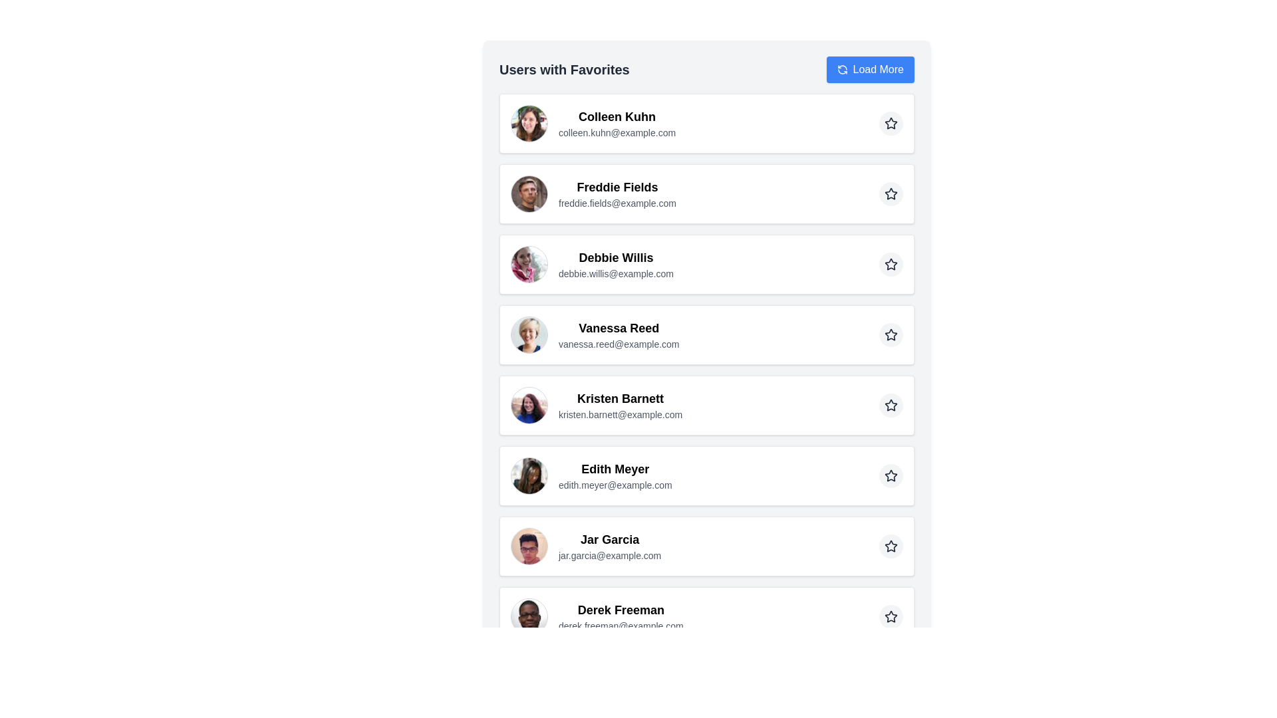  I want to click on the circular avatar image displaying the profile picture of a woman with short blonde hair, located to the left of the profile section labeled 'Vanessa Reed', so click(529, 334).